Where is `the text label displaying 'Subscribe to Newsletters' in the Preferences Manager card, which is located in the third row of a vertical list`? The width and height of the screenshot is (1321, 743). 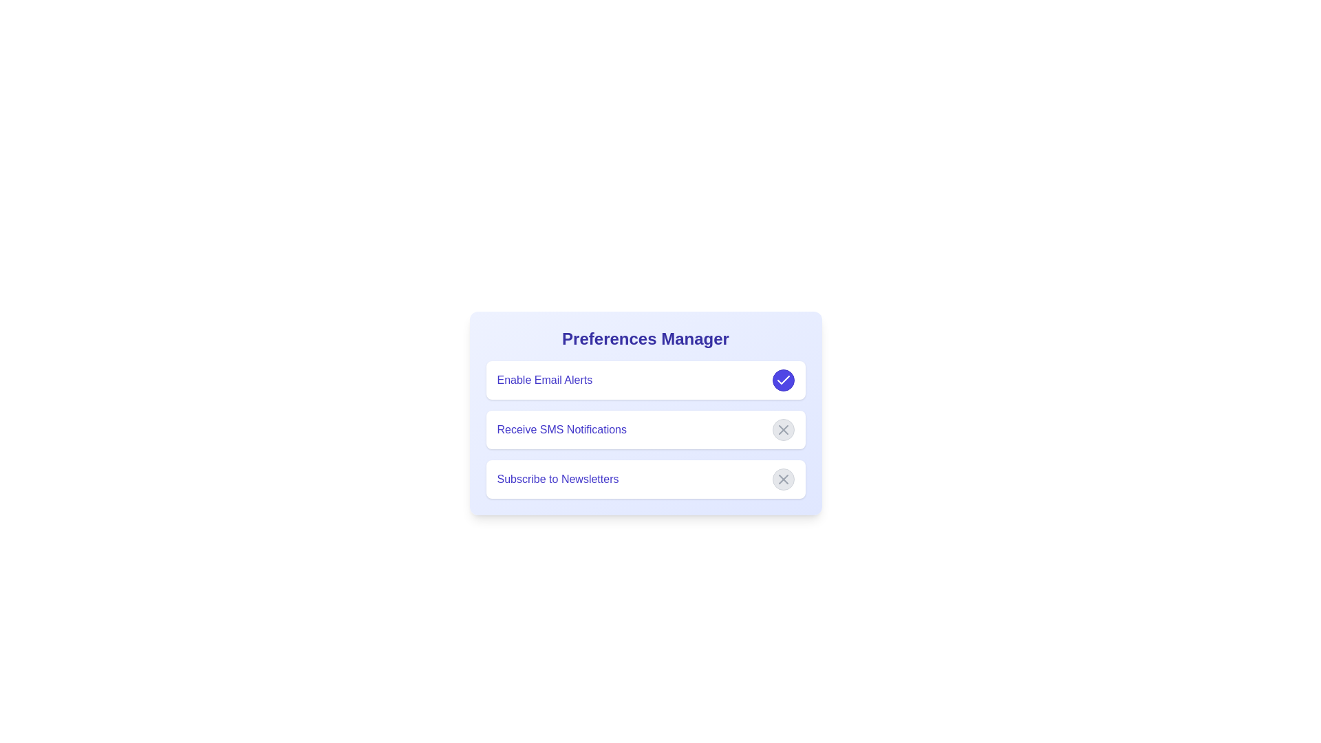
the text label displaying 'Subscribe to Newsletters' in the Preferences Manager card, which is located in the third row of a vertical list is located at coordinates (558, 479).